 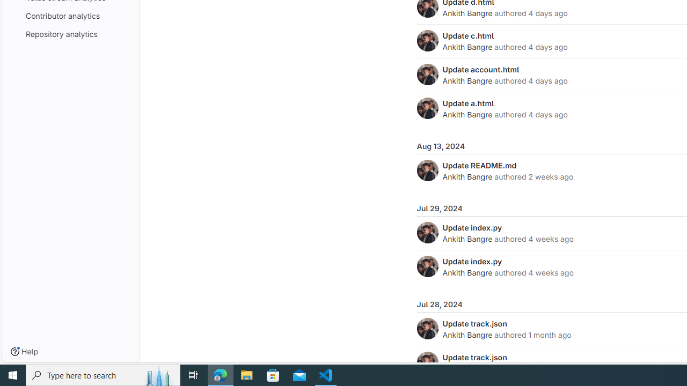 I want to click on 'Update account.html', so click(x=480, y=69).